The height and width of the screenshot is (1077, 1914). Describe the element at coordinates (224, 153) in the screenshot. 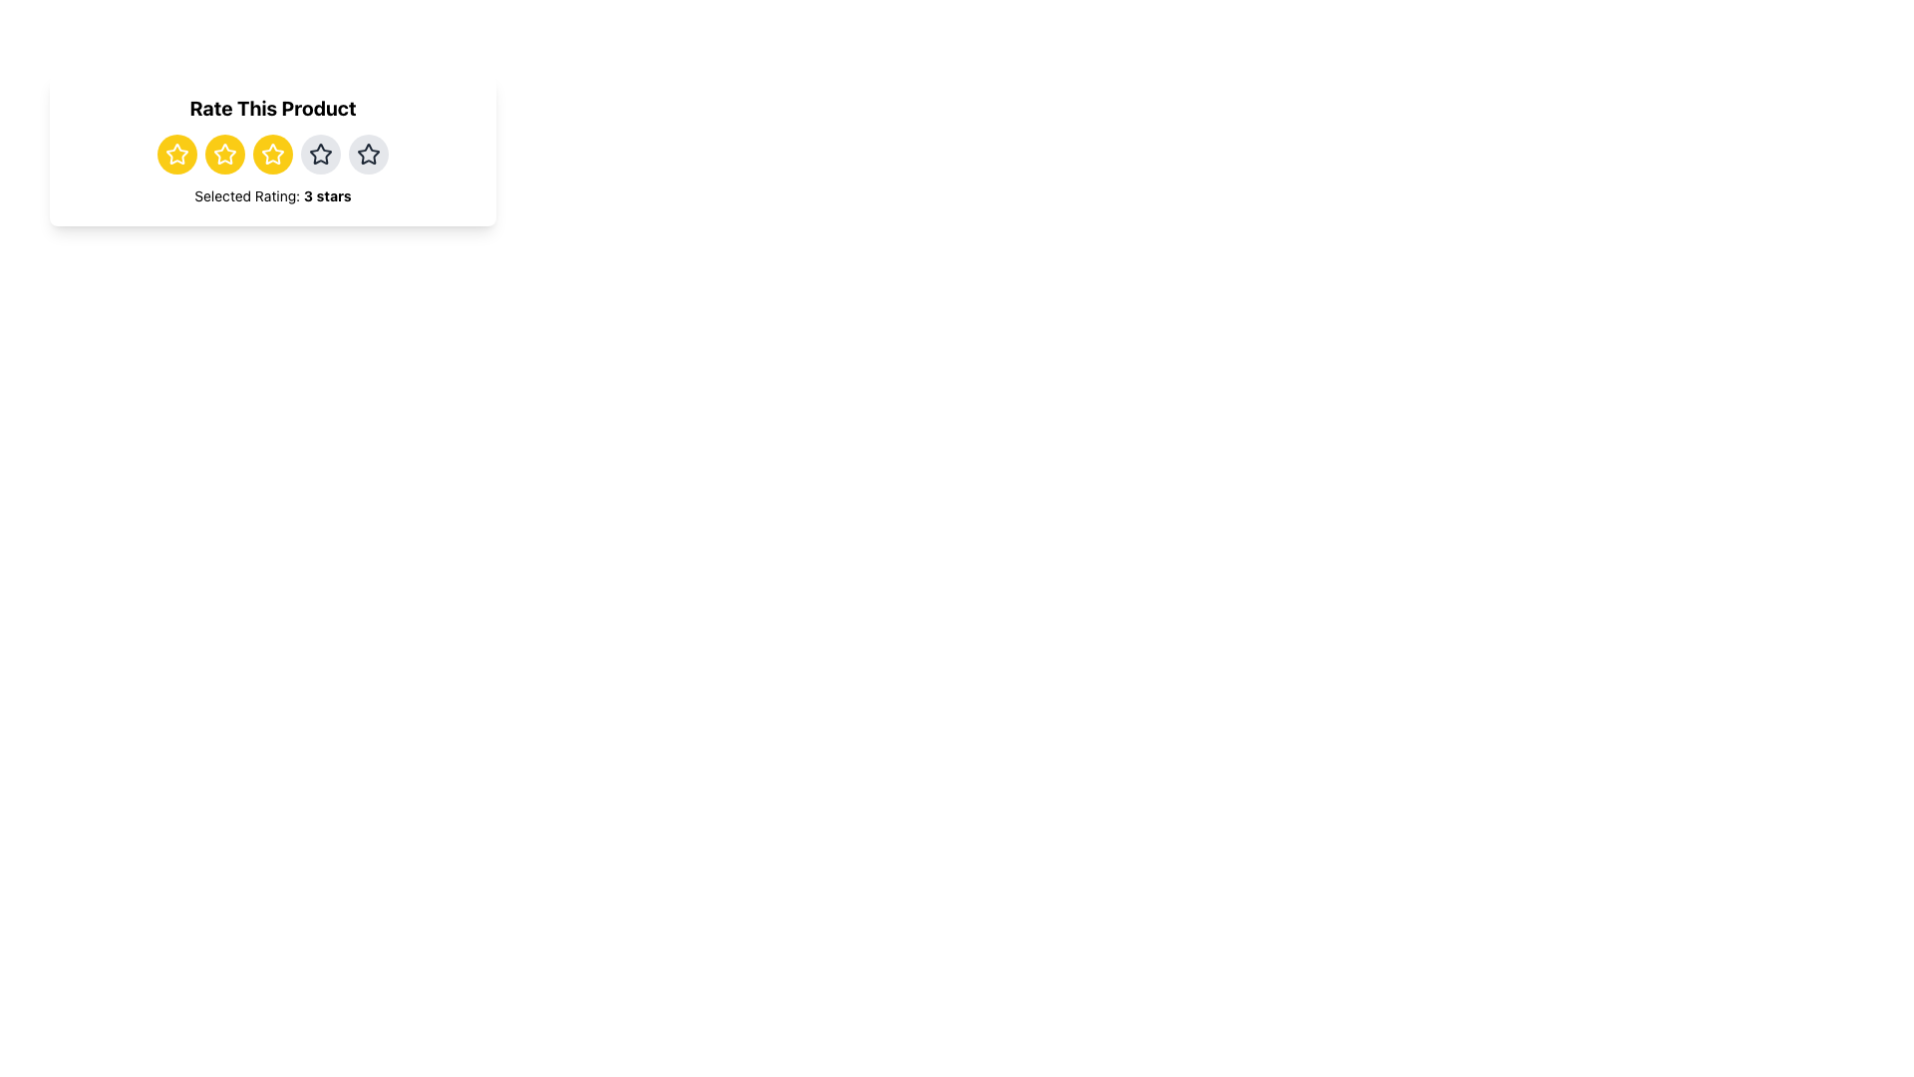

I see `the third rating button in a group of five buttons` at that location.